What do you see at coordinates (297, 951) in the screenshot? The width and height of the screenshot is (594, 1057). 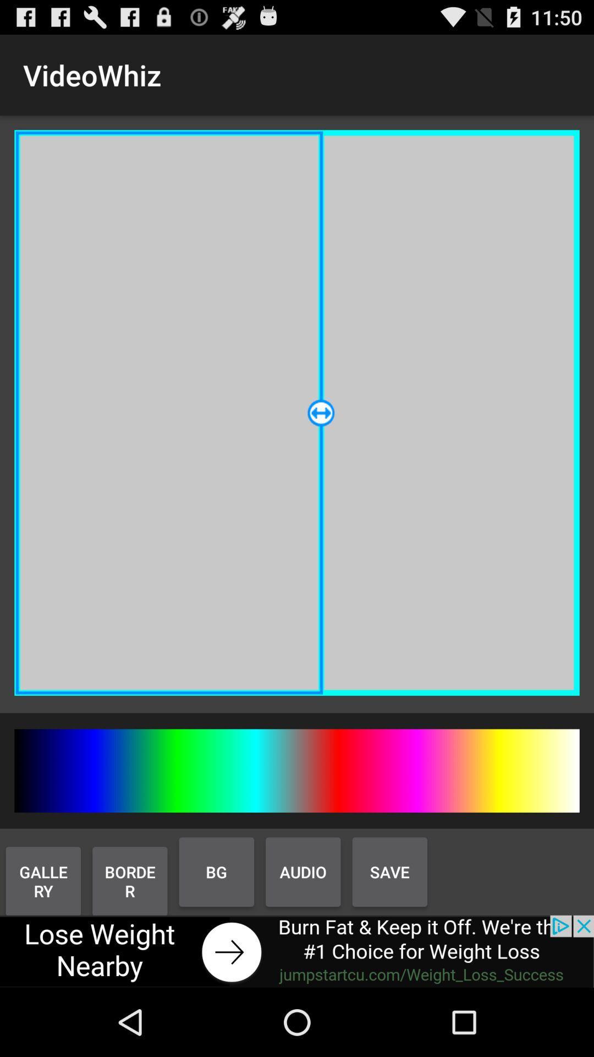 I see `see advertisement` at bounding box center [297, 951].